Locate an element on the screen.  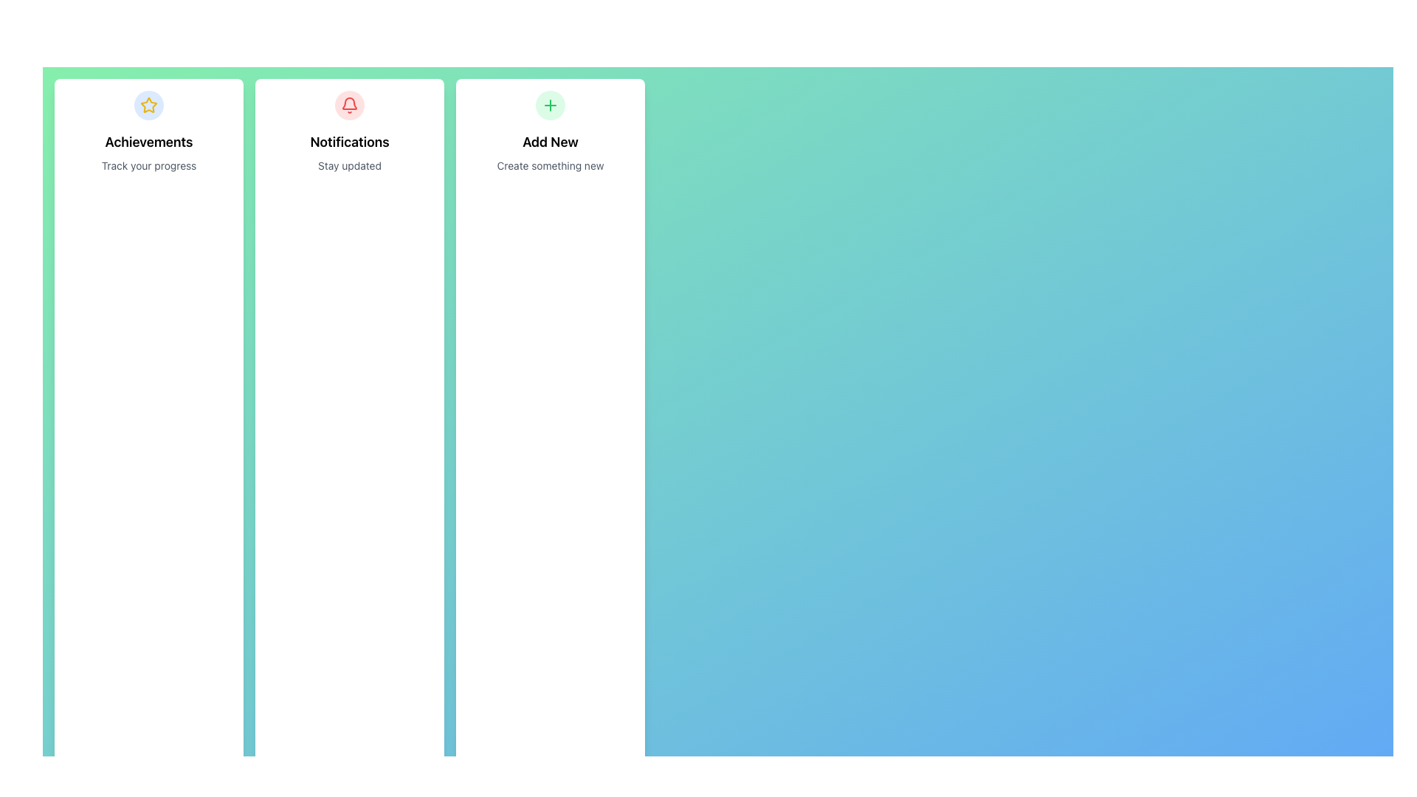
the small circular icon filled with a light blue background and a yellow star shape in the center, located within the 'Achievements' card, positioned above the text 'Achievements' and 'Track your progress' is located at coordinates (148, 104).